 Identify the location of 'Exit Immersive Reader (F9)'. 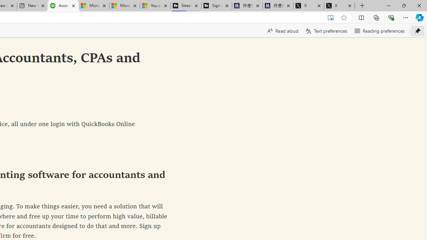
(331, 17).